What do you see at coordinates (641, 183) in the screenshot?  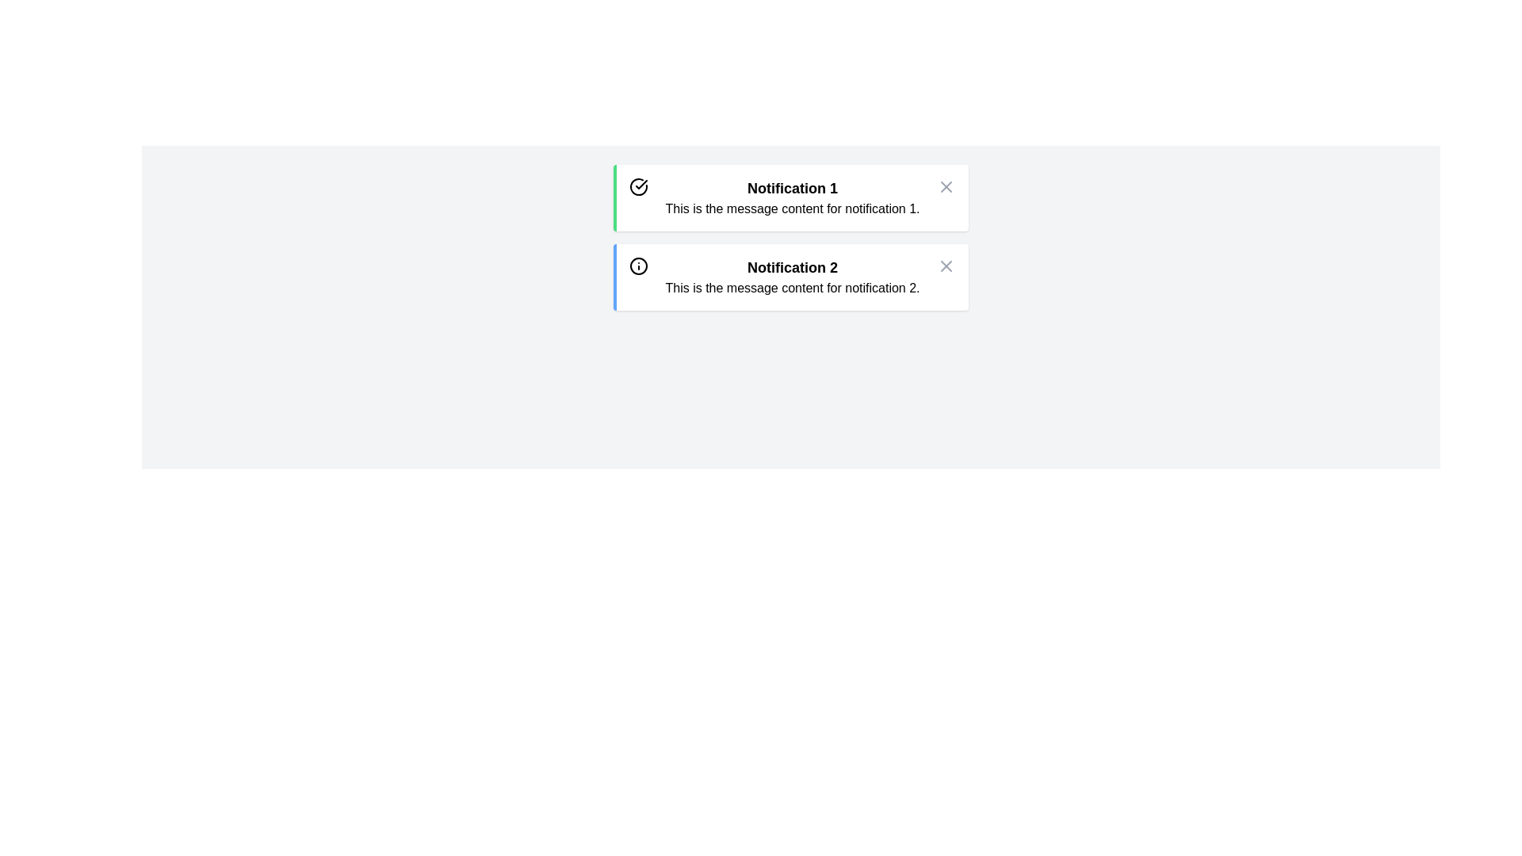 I see `the checkmark icon within the circular boundary of the 'Notification 1' component, located to the left side near the title text` at bounding box center [641, 183].